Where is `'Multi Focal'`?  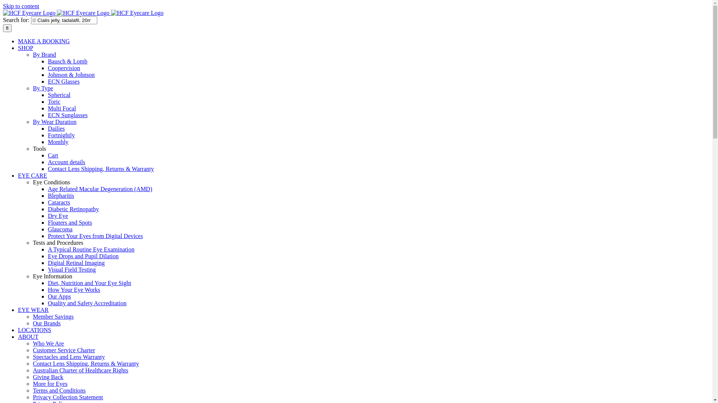
'Multi Focal' is located at coordinates (62, 108).